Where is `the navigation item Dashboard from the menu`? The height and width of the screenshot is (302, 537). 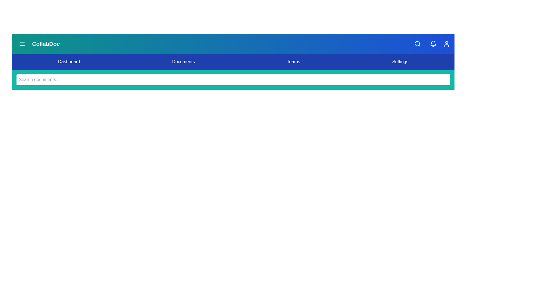
the navigation item Dashboard from the menu is located at coordinates (69, 62).